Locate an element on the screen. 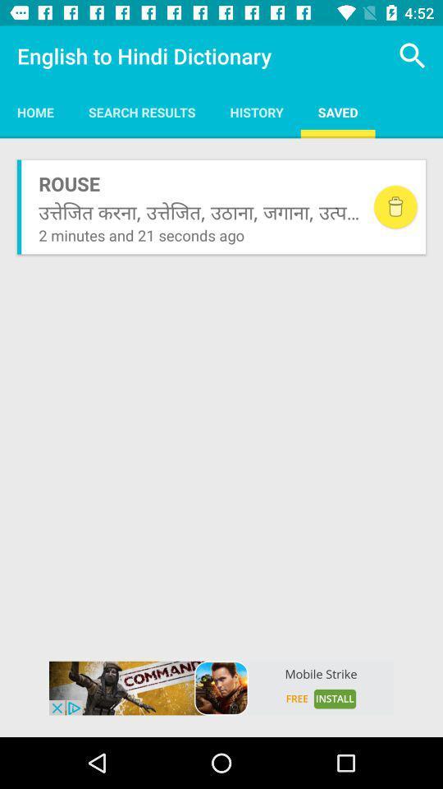  click on advertisement is located at coordinates (221, 688).